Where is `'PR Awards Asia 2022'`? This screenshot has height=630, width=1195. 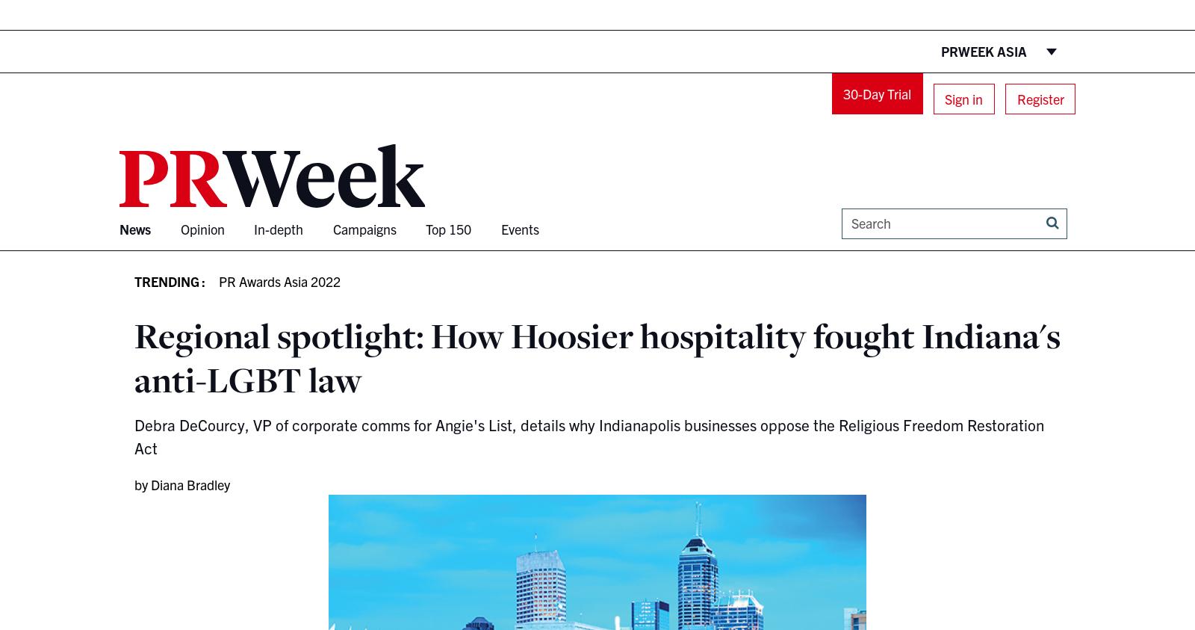
'PR Awards Asia 2022' is located at coordinates (279, 280).